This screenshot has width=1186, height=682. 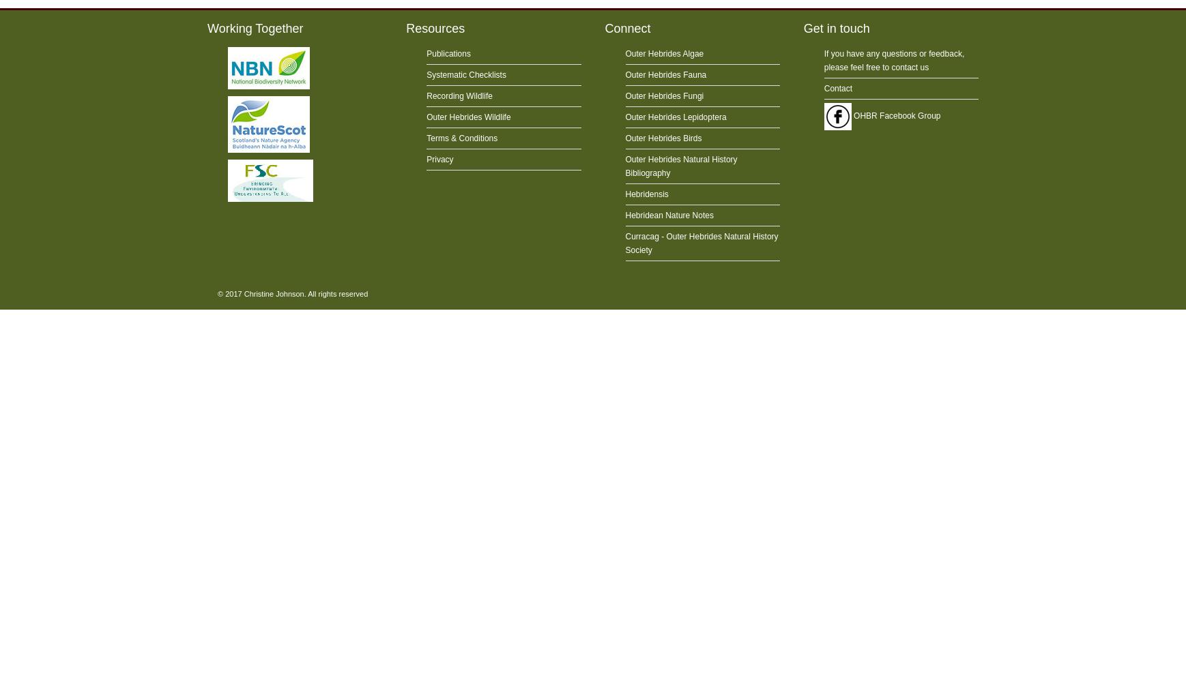 I want to click on 'Outer Hebrides Fauna', so click(x=665, y=74).